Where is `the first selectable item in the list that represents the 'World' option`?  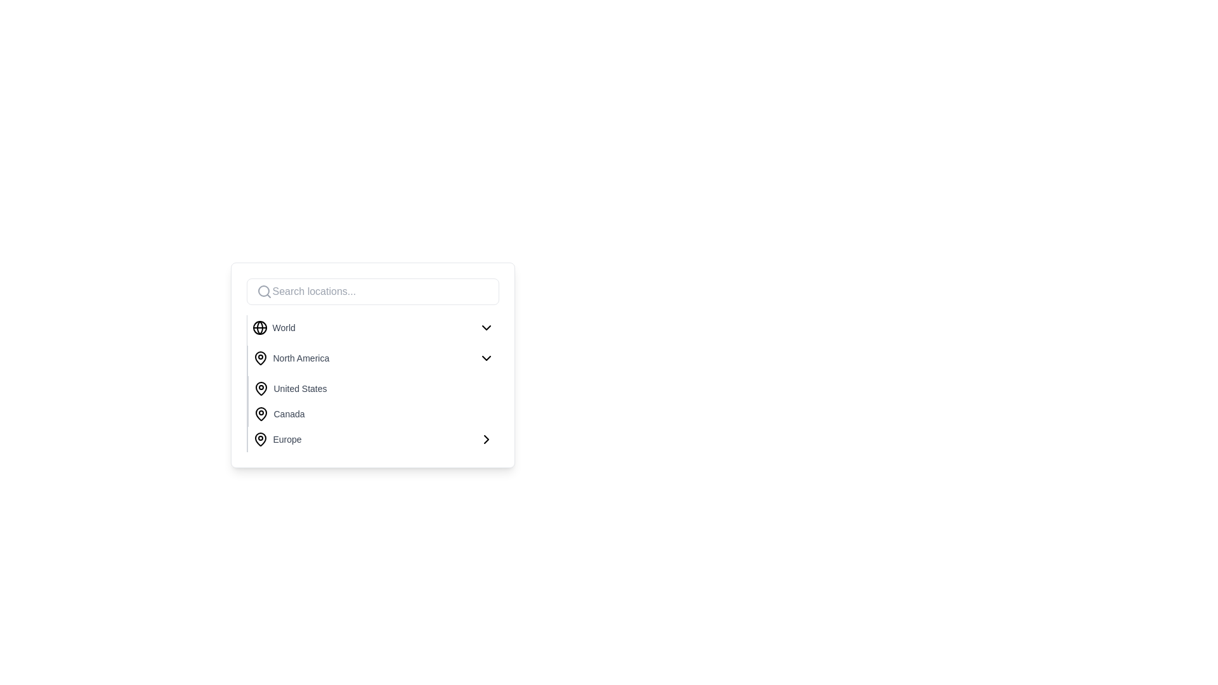 the first selectable item in the list that represents the 'World' option is located at coordinates (273, 327).